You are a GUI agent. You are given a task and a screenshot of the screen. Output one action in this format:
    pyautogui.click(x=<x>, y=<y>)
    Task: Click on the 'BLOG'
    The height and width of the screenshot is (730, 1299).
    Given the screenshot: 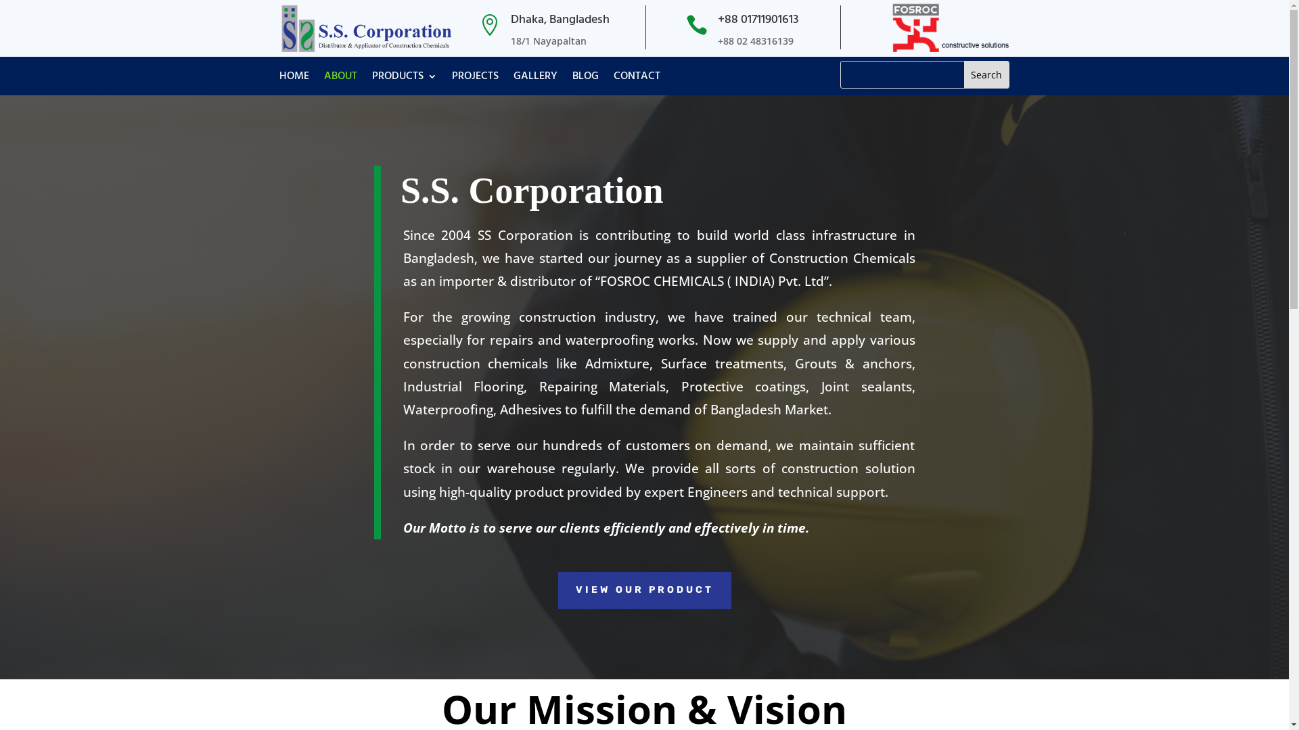 What is the action you would take?
    pyautogui.click(x=585, y=78)
    